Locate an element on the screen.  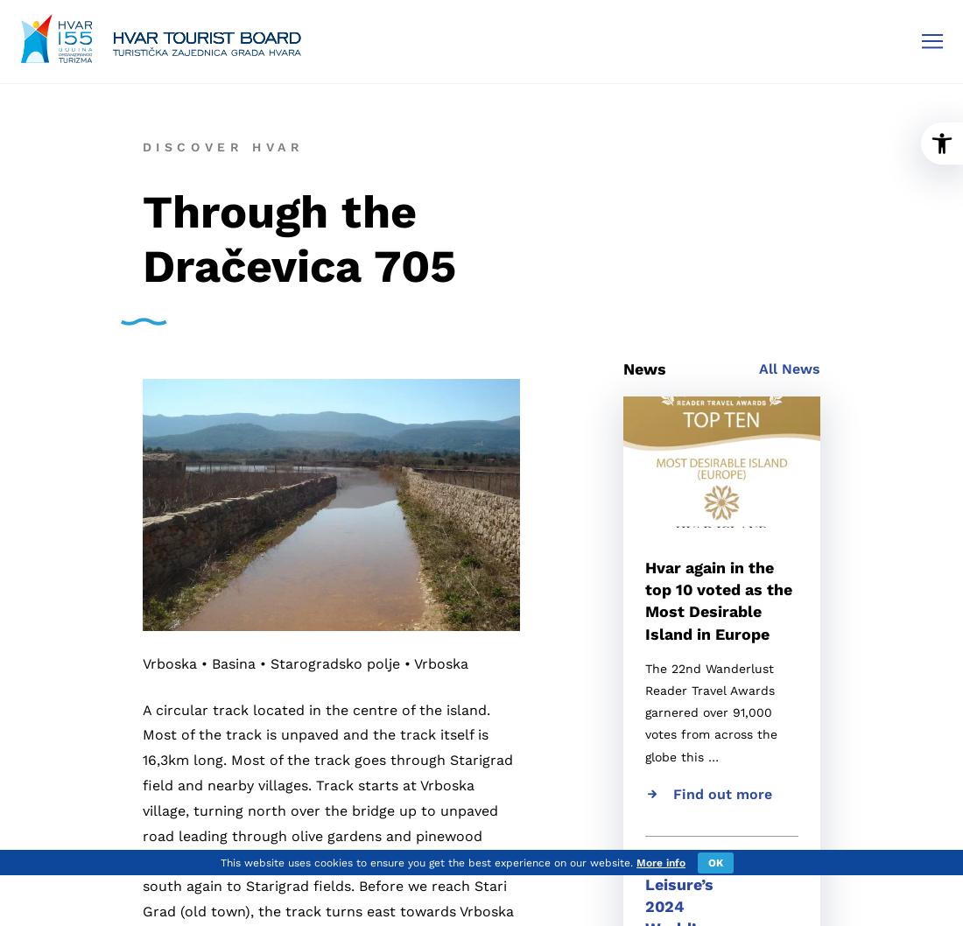
'All News' is located at coordinates (790, 368).